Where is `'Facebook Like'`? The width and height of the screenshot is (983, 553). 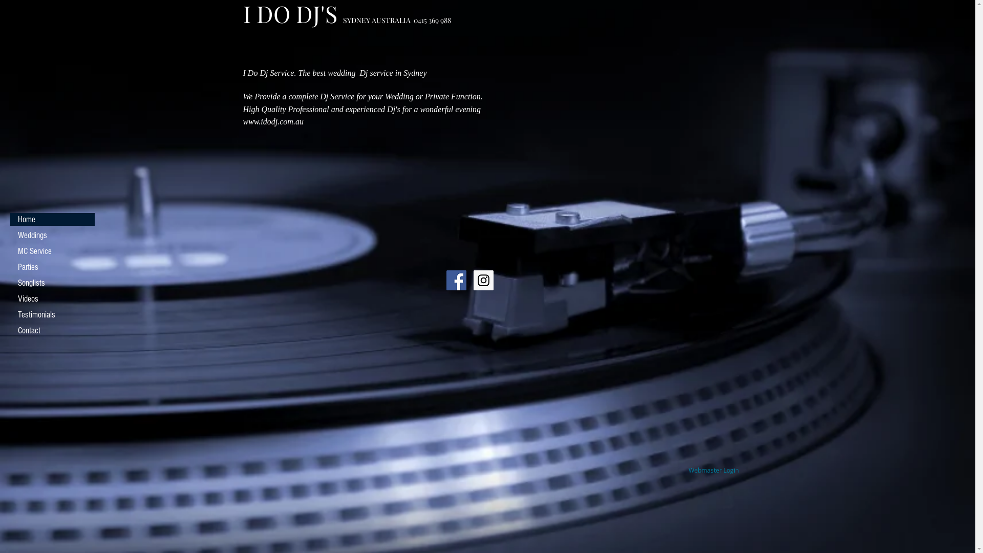
'Facebook Like' is located at coordinates (270, 296).